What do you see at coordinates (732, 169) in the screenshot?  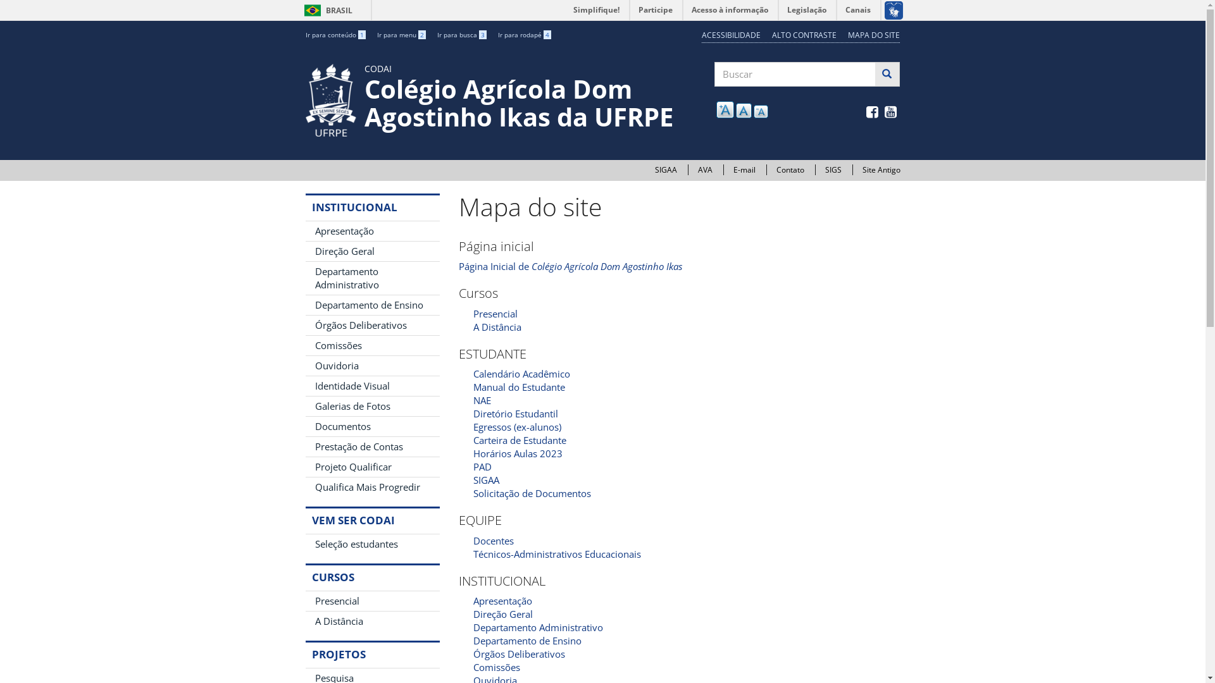 I see `'E-mail'` at bounding box center [732, 169].